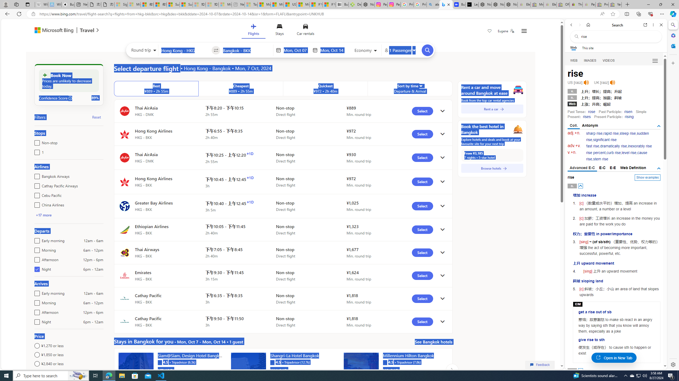 The width and height of the screenshot is (679, 381). What do you see at coordinates (400, 50) in the screenshot?
I see `'1 Passenger'` at bounding box center [400, 50].